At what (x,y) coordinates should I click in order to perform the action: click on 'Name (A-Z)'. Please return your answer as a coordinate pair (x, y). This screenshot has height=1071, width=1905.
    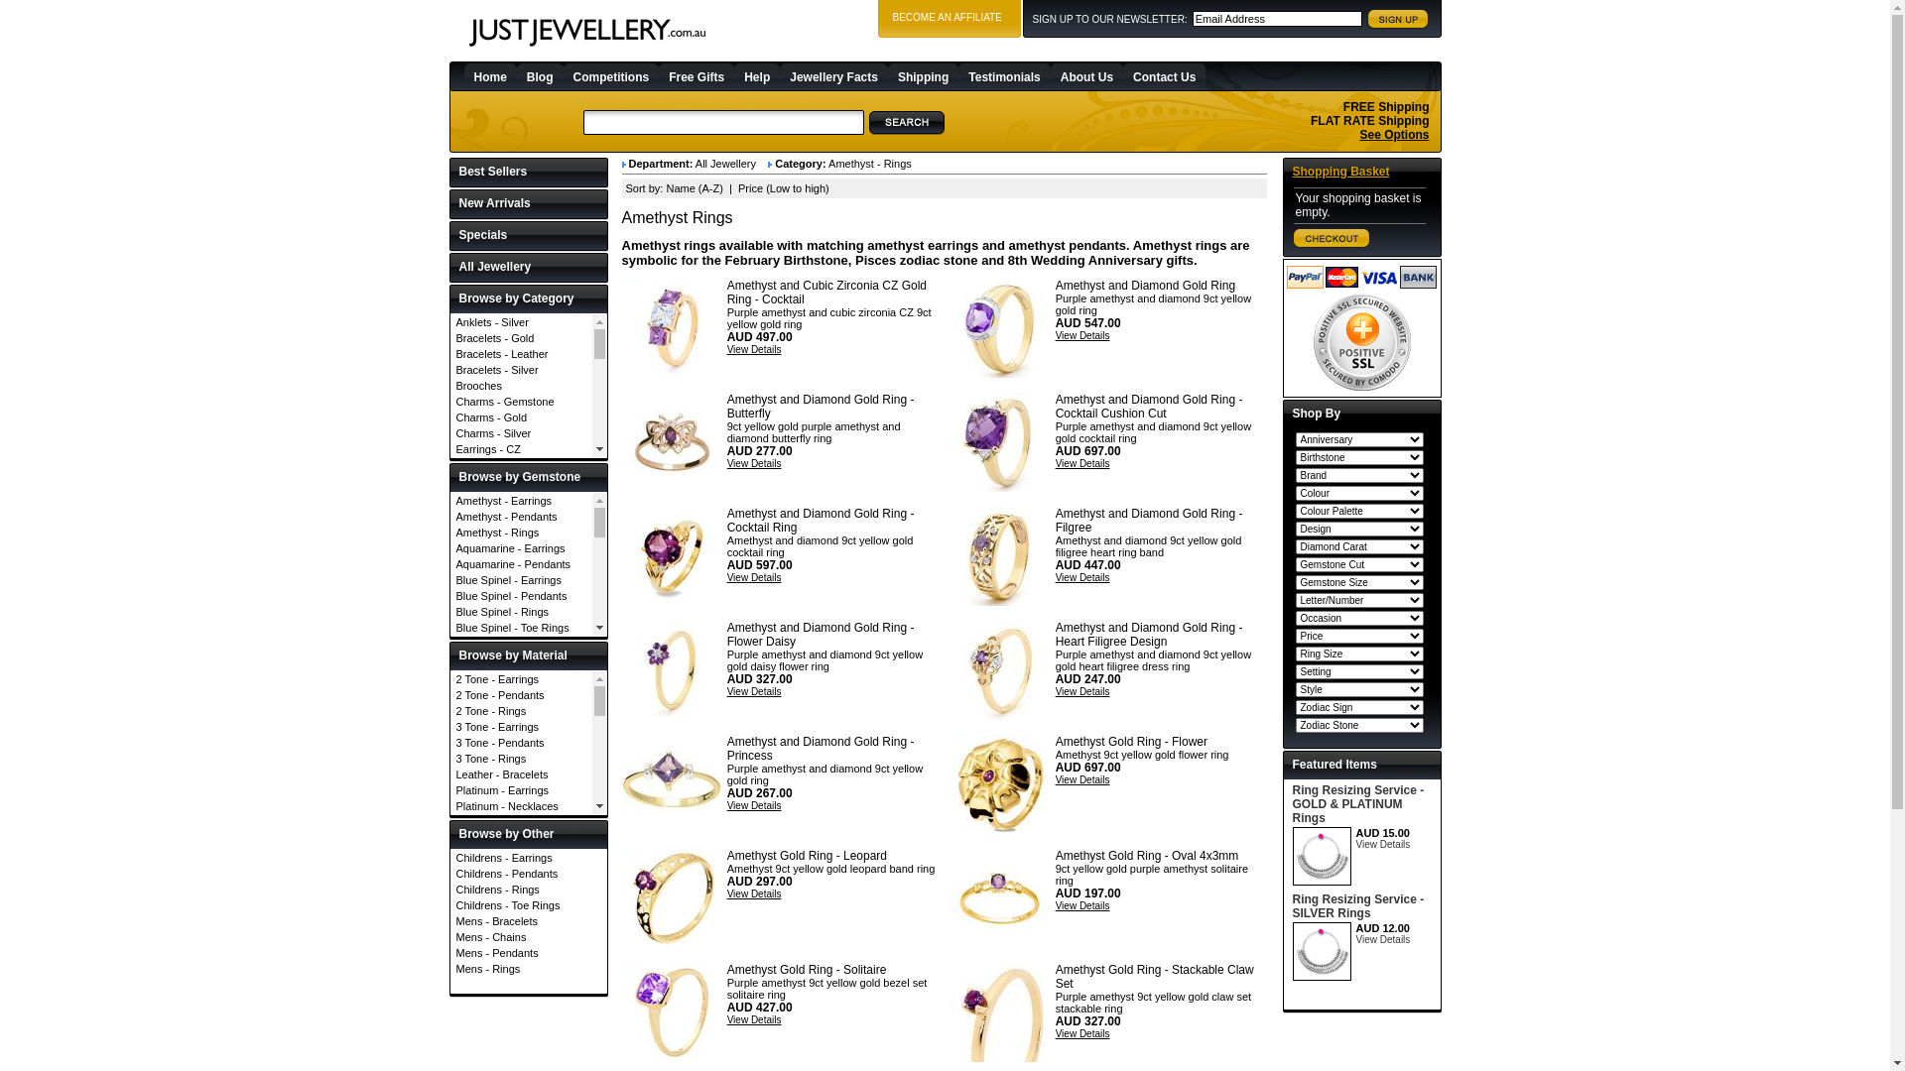
    Looking at the image, I should click on (666, 187).